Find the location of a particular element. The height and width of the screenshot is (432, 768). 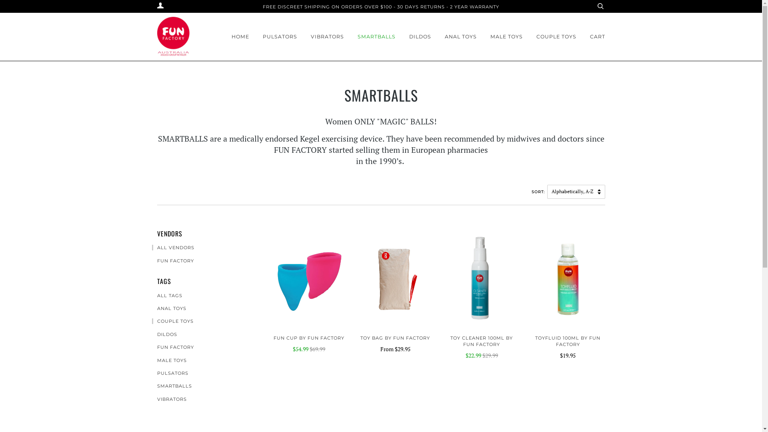

'ANAL TOYS' is located at coordinates (461, 37).